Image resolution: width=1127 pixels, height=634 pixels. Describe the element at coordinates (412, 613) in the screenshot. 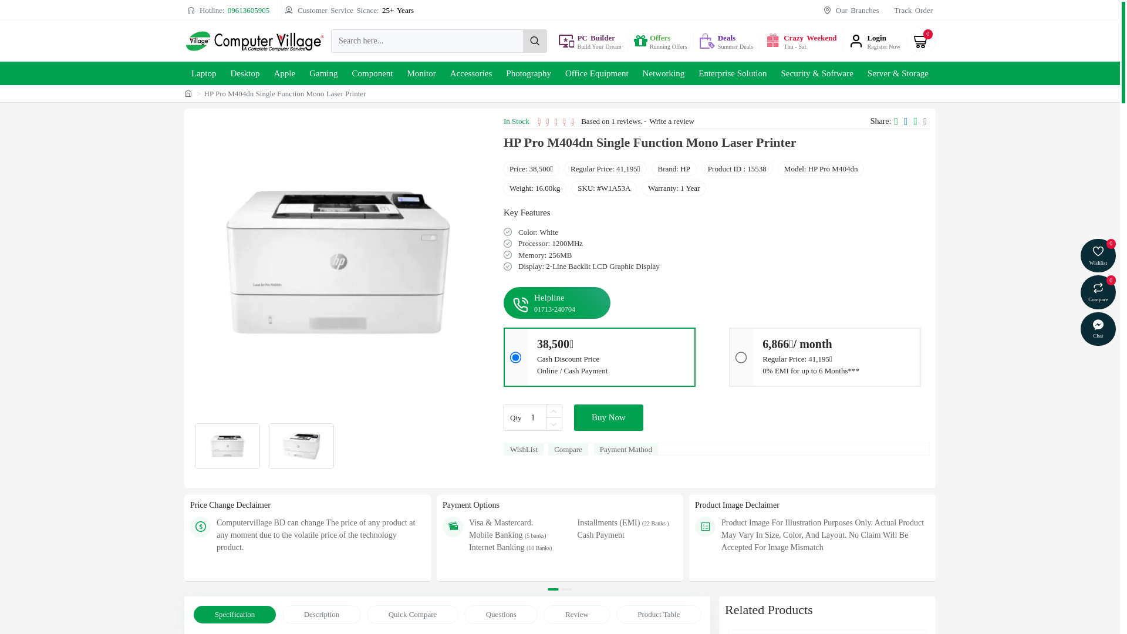

I see `'Quick Compare'` at that location.